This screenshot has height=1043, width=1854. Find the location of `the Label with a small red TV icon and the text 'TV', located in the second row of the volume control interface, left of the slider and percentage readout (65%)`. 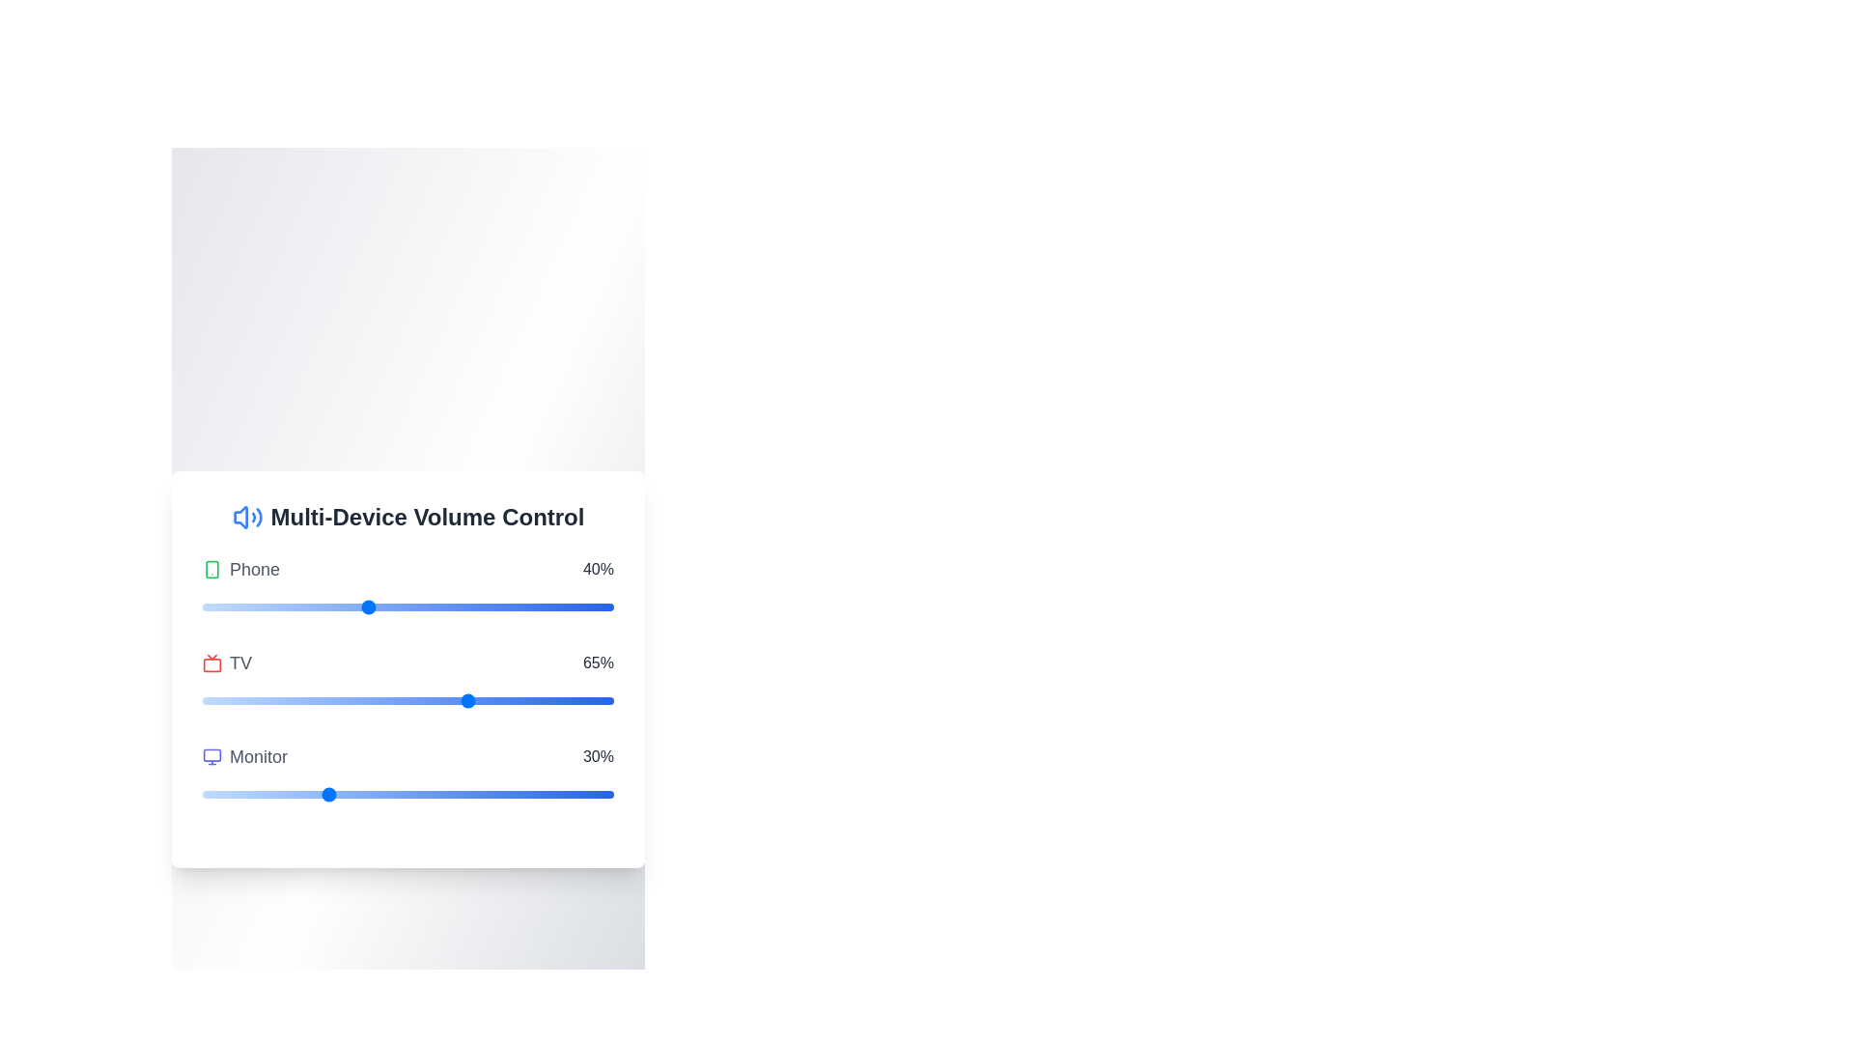

the Label with a small red TV icon and the text 'TV', located in the second row of the volume control interface, left of the slider and percentage readout (65%) is located at coordinates (227, 662).